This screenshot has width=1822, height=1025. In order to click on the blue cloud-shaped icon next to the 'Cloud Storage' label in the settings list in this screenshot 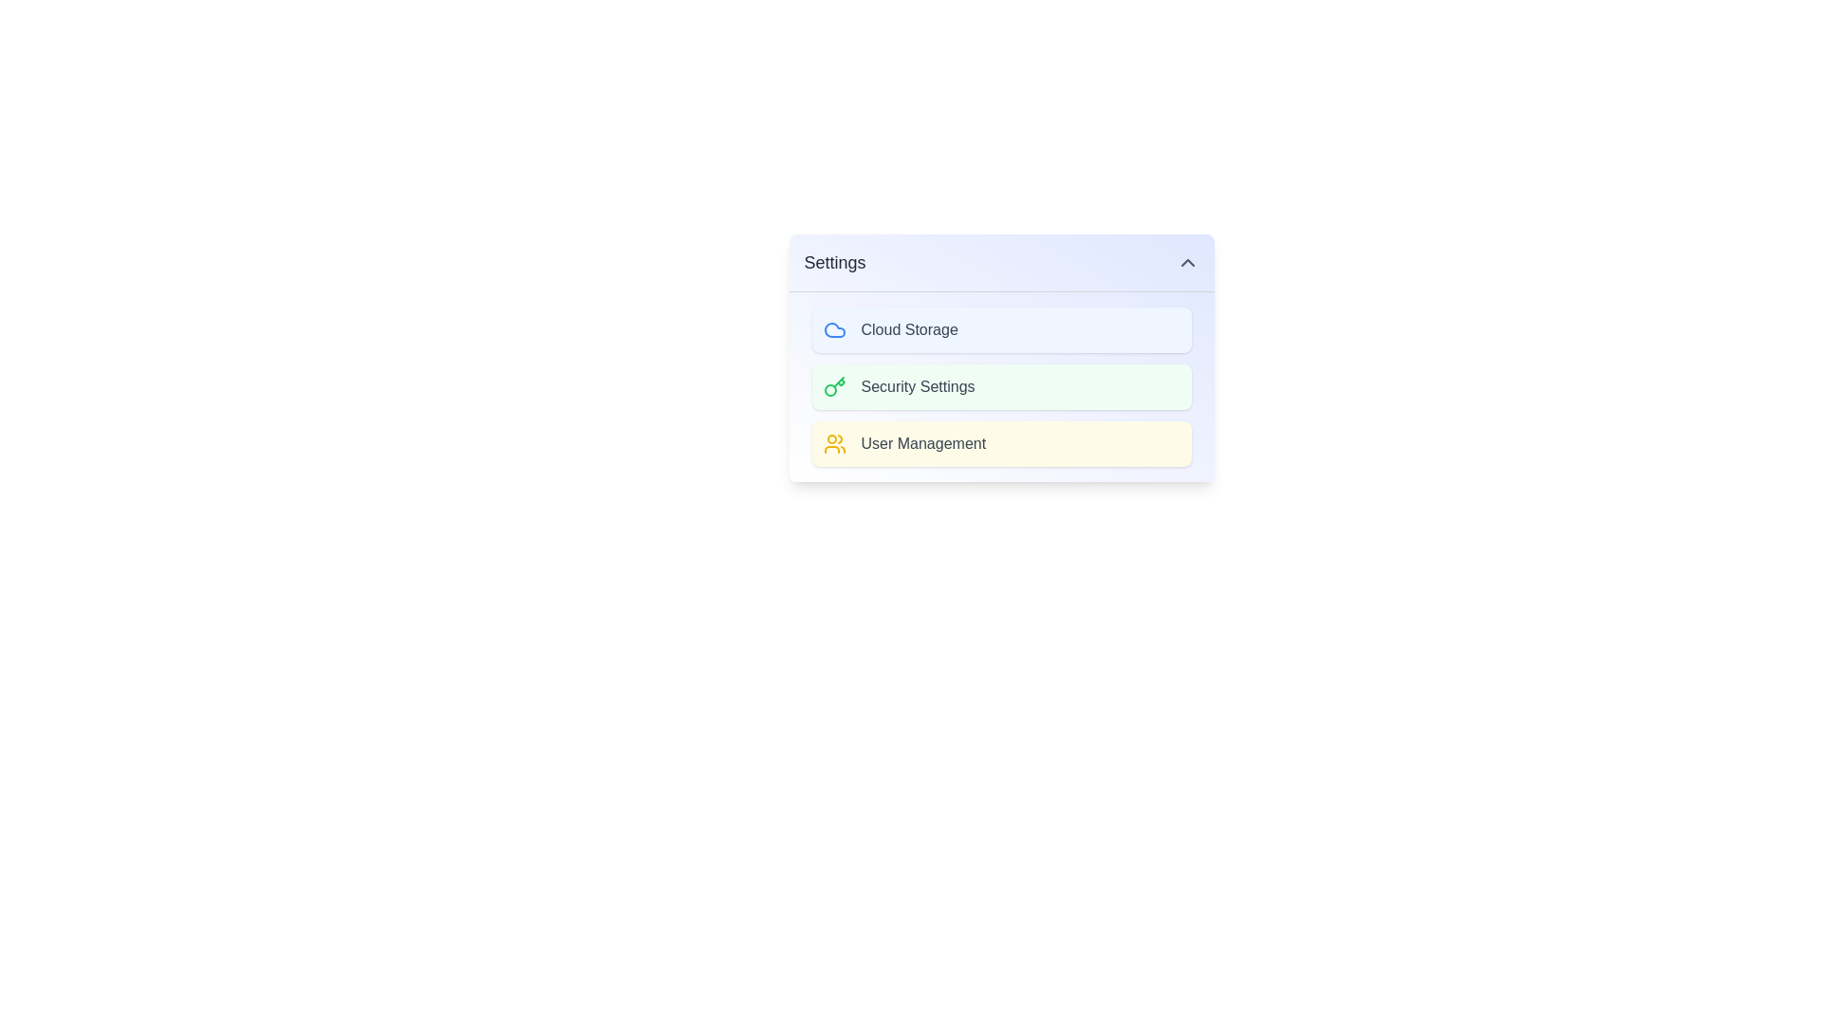, I will do `click(834, 328)`.